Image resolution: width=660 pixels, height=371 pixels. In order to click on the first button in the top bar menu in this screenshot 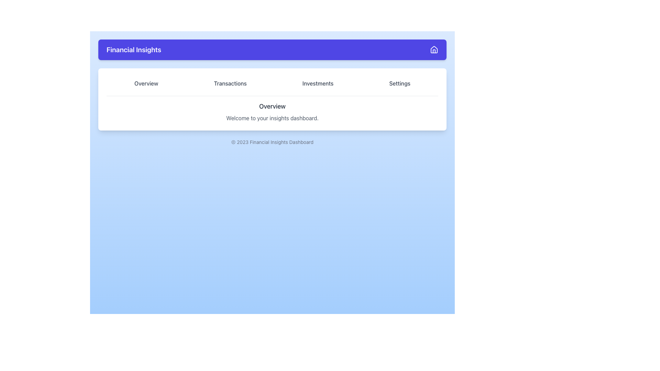, I will do `click(146, 83)`.